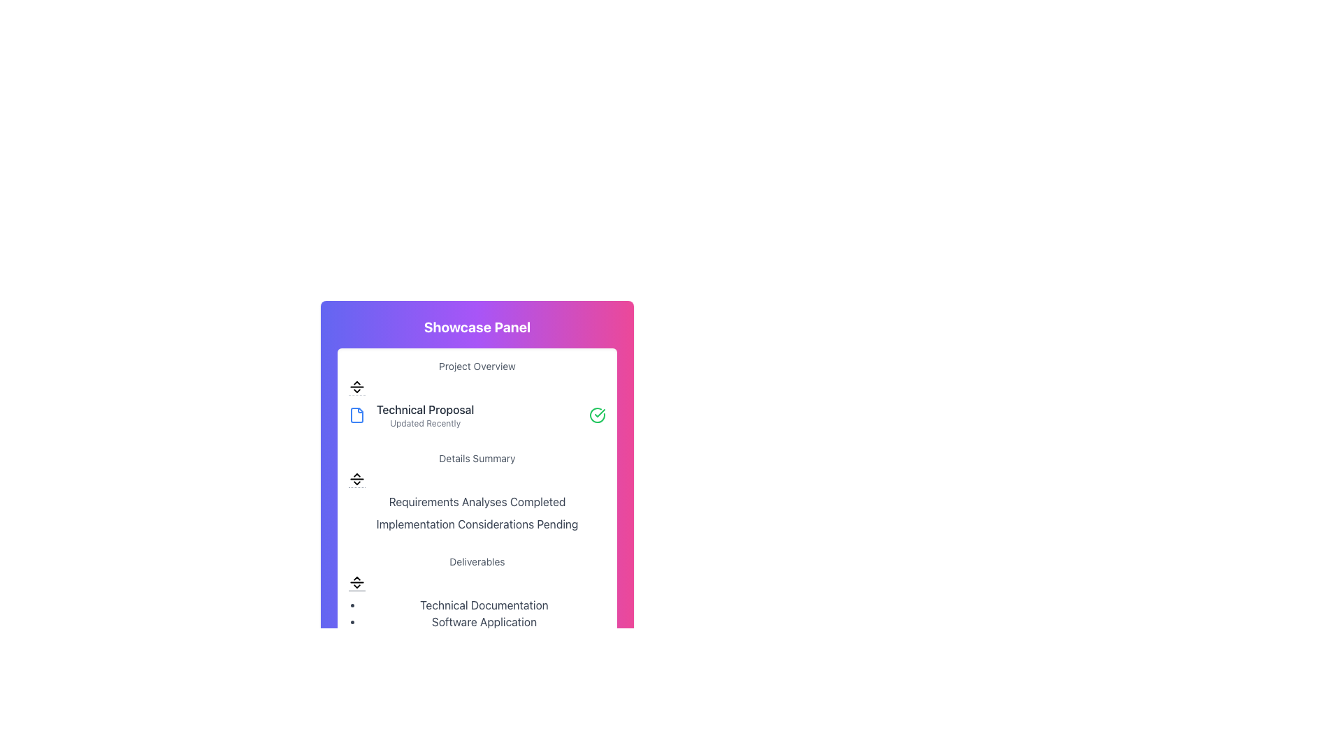 The image size is (1342, 754). Describe the element at coordinates (424, 422) in the screenshot. I see `the timestamp or update note provided` at that location.